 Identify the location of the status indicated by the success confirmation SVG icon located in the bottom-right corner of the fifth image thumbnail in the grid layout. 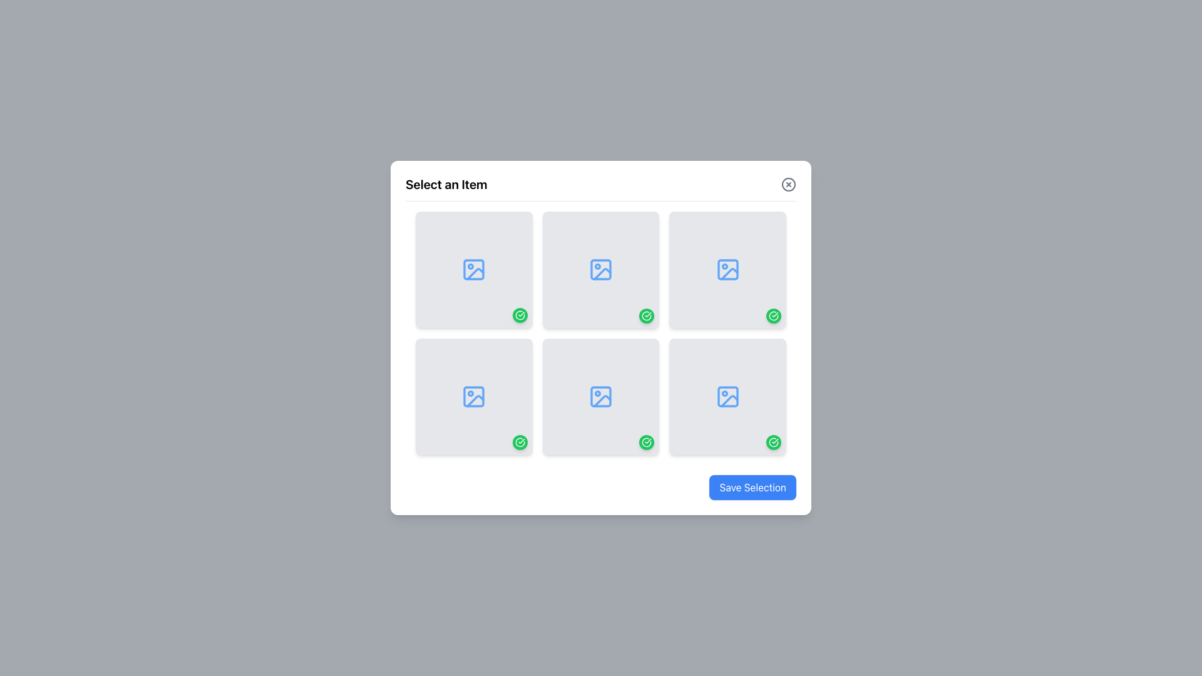
(773, 441).